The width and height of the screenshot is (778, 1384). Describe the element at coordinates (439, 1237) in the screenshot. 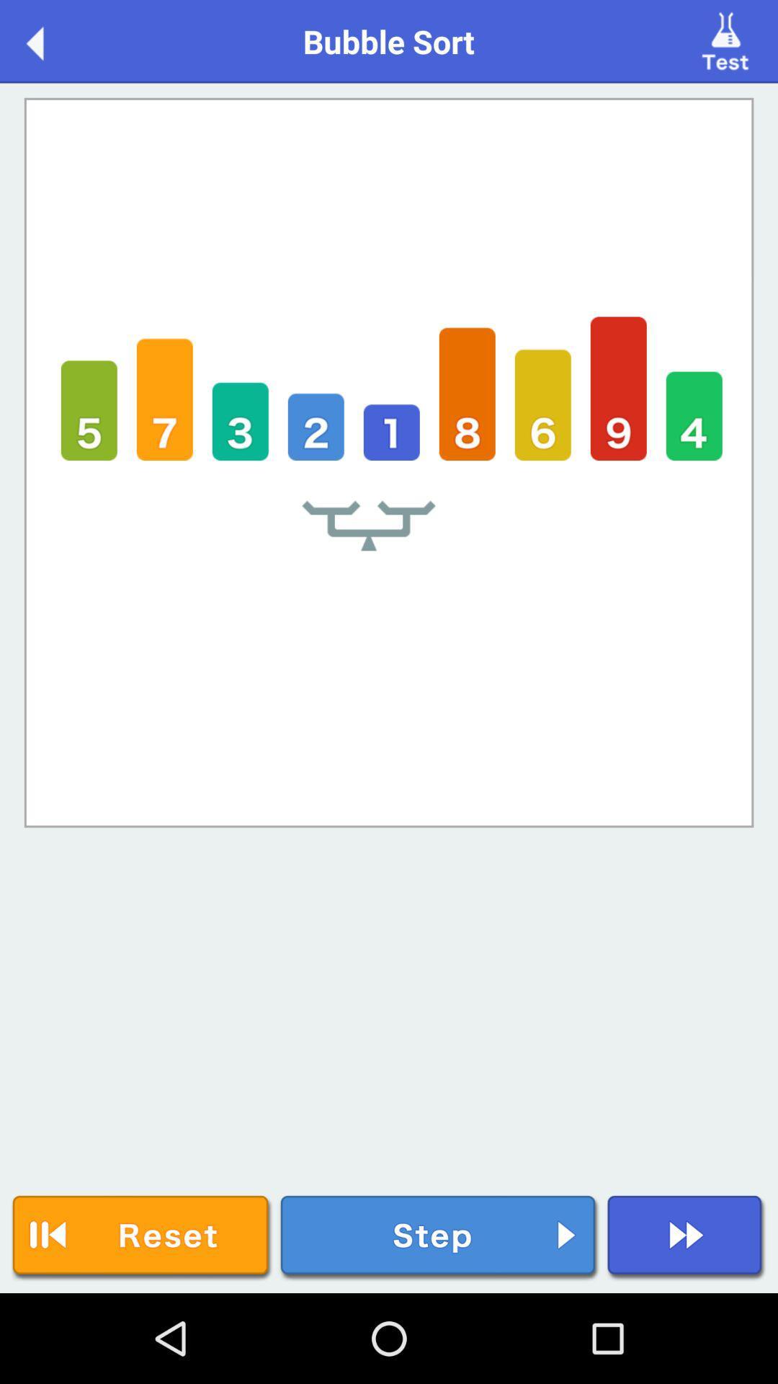

I see `step button` at that location.